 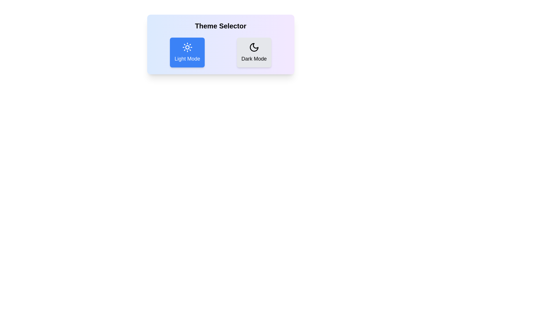 What do you see at coordinates (254, 52) in the screenshot?
I see `the 'Dark Mode' option to activate the Dark theme` at bounding box center [254, 52].